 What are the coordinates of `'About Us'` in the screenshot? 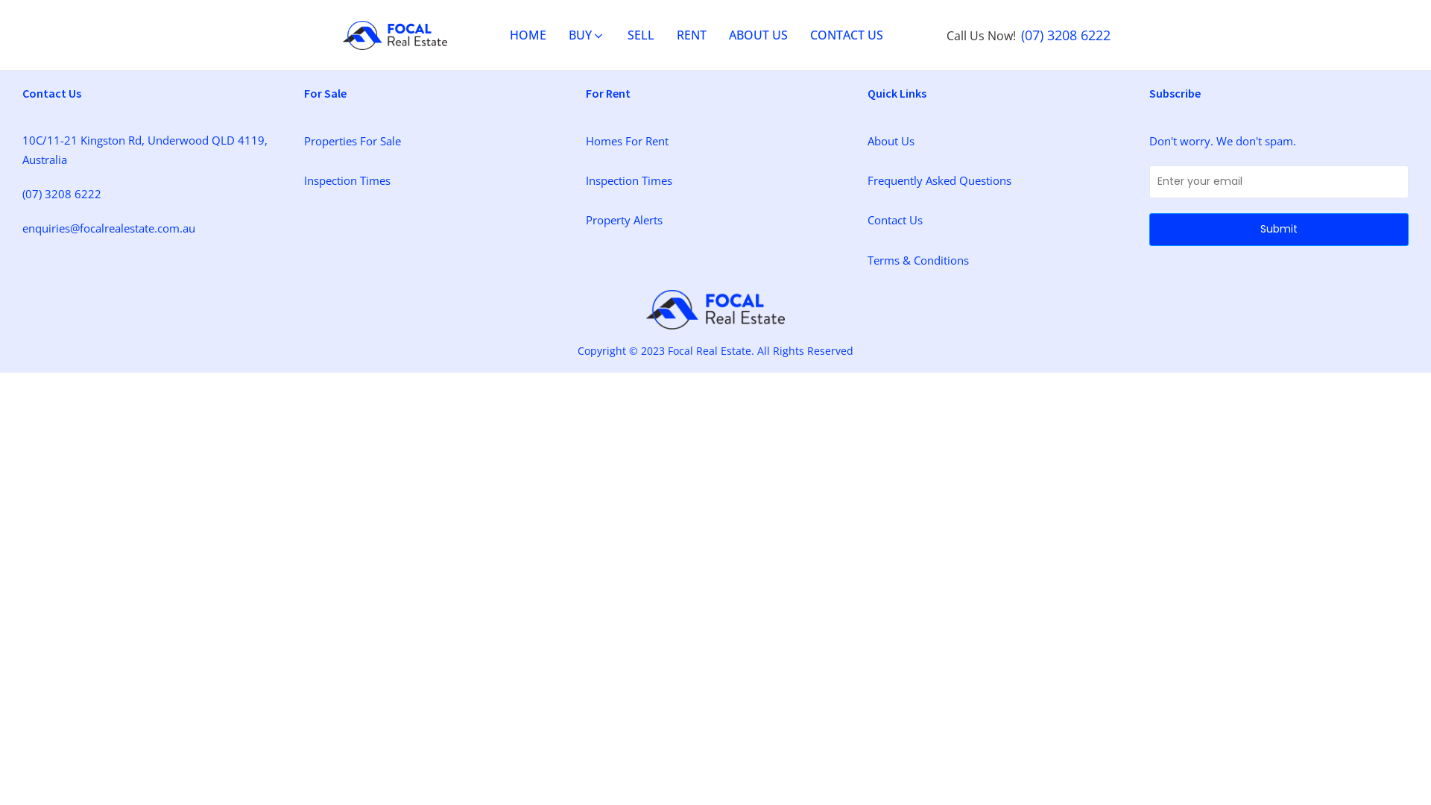 It's located at (891, 141).